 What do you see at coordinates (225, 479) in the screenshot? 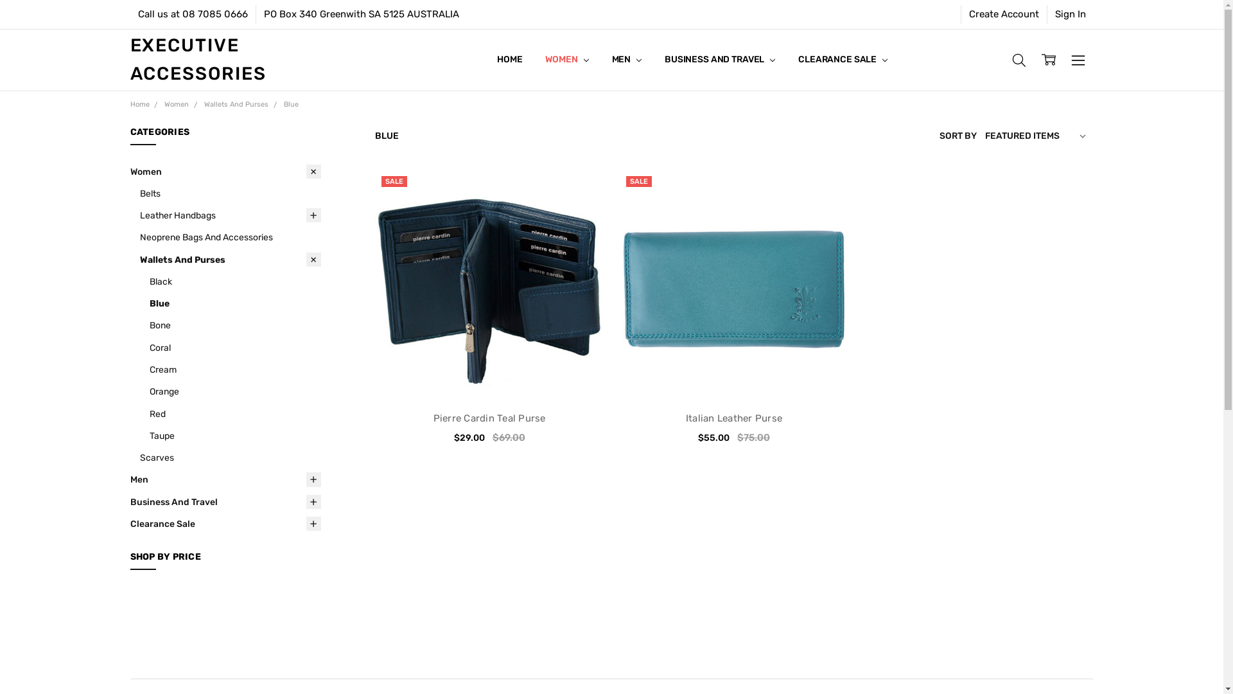
I see `'Men'` at bounding box center [225, 479].